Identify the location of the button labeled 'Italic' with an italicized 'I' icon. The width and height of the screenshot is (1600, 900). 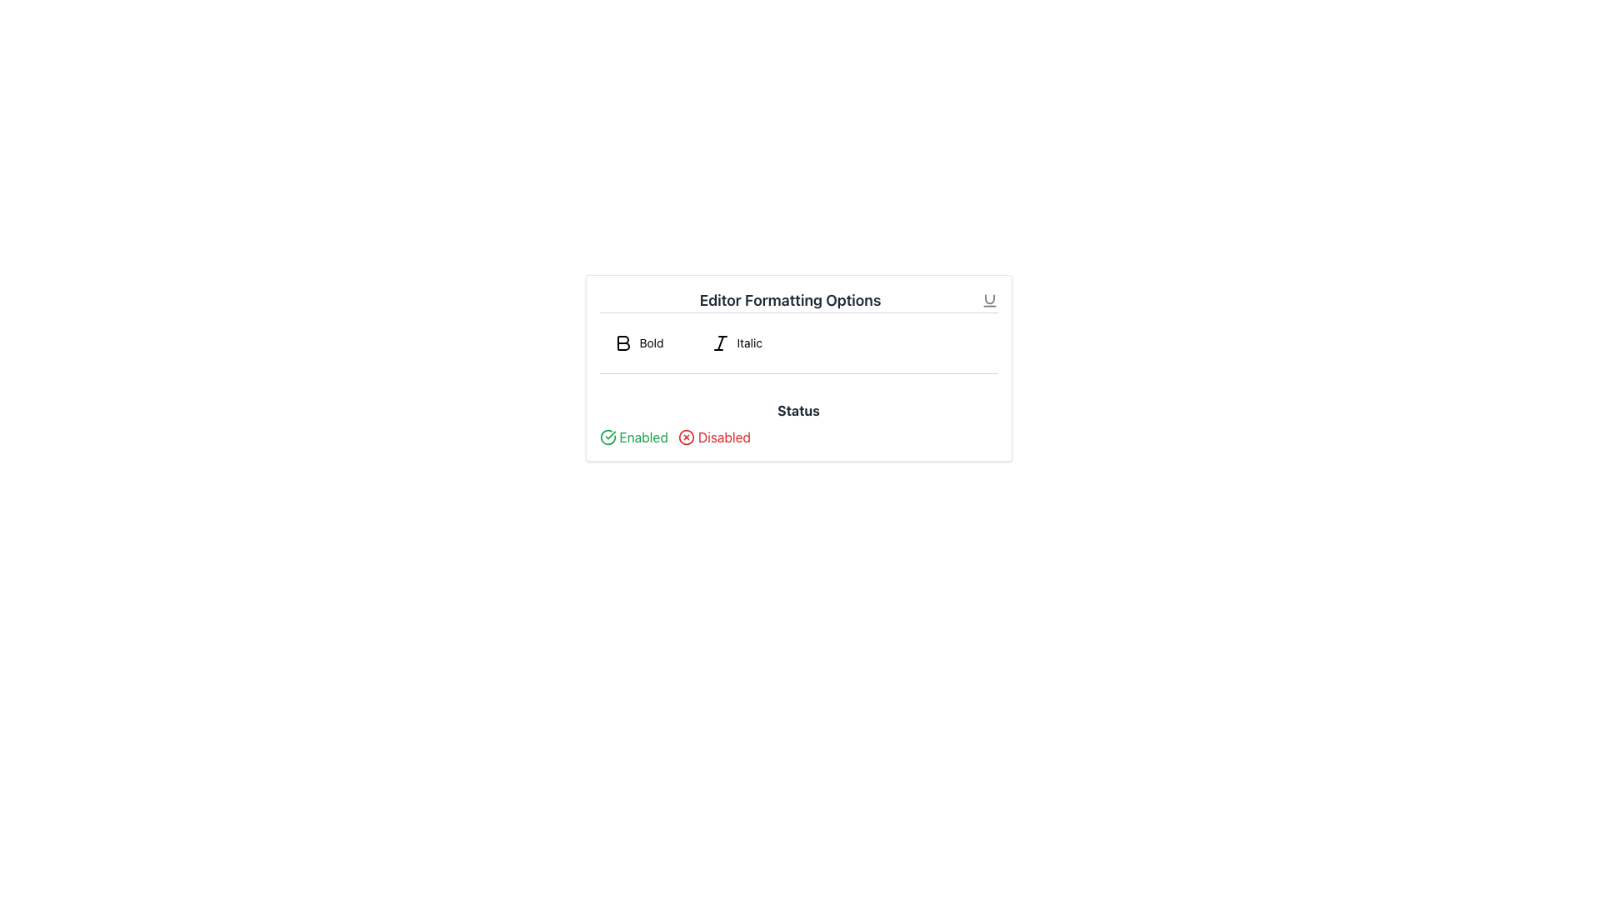
(735, 342).